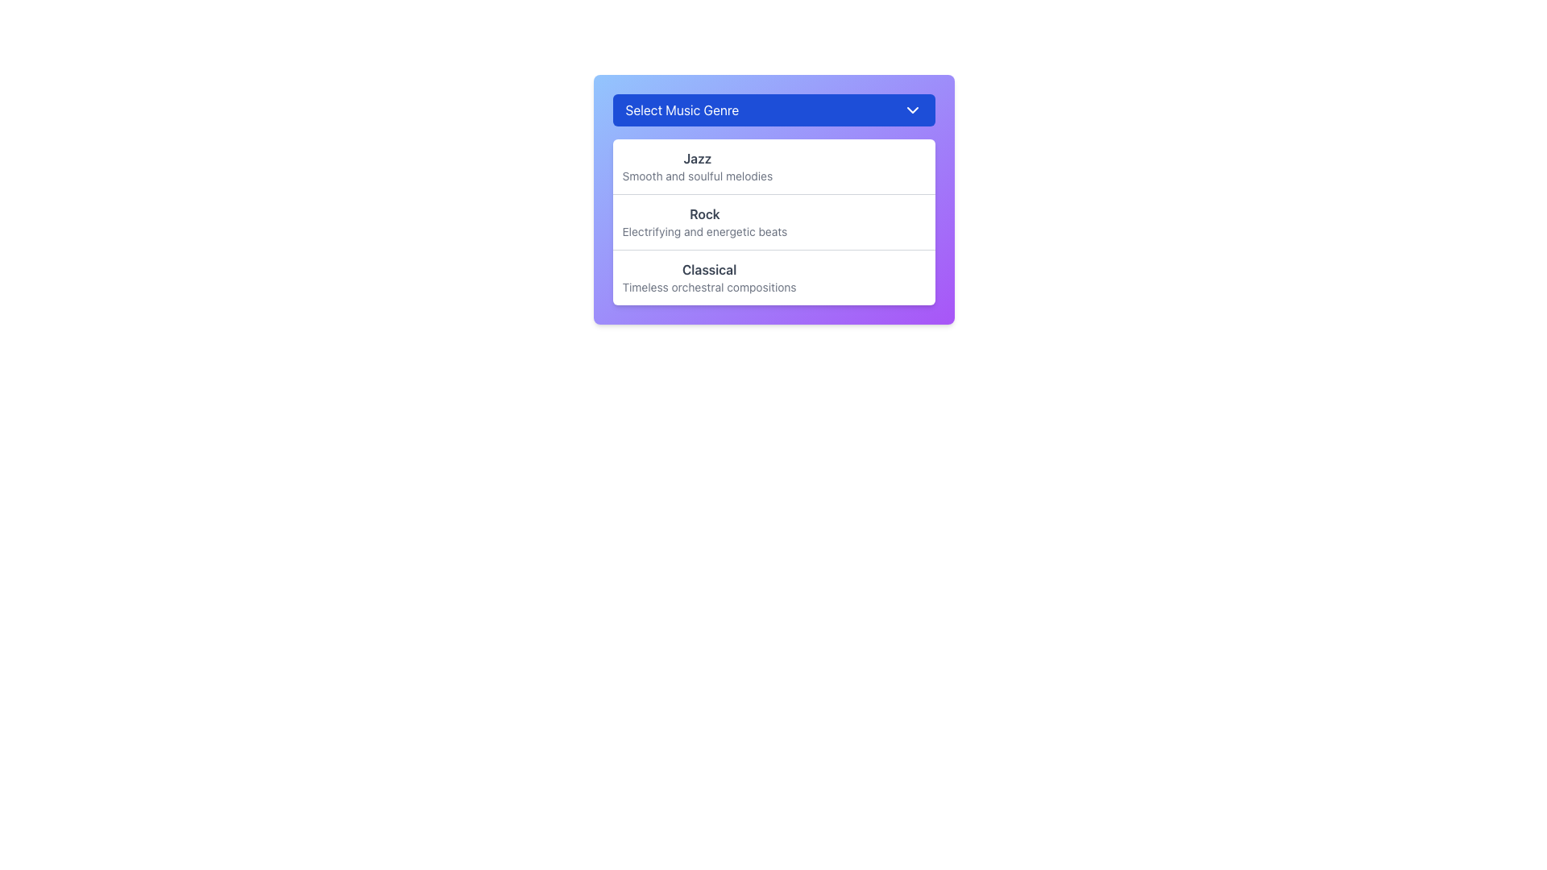 Image resolution: width=1547 pixels, height=870 pixels. I want to click on the static text label 'Rock', which is bold and gray, positioned above the descriptive text in the dropdown menu interface, so click(704, 213).